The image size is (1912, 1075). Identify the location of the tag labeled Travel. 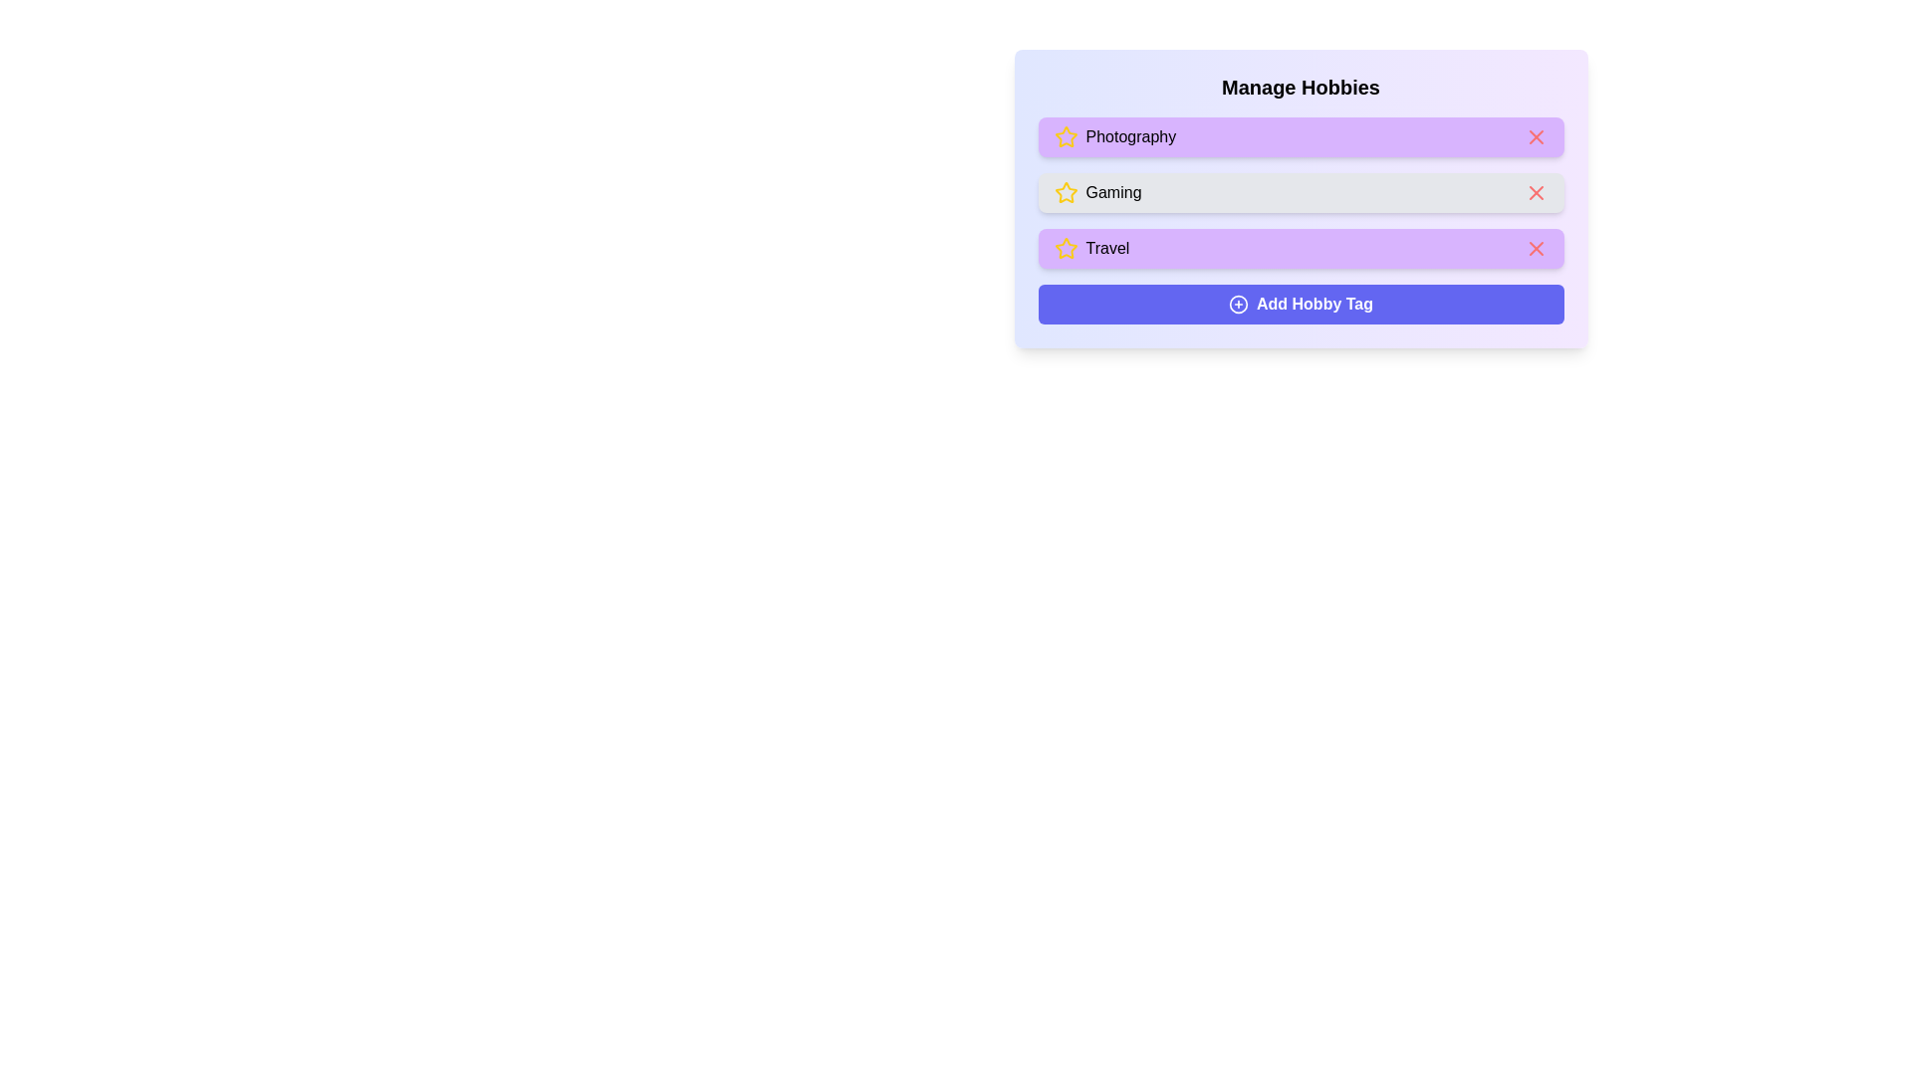
(1301, 248).